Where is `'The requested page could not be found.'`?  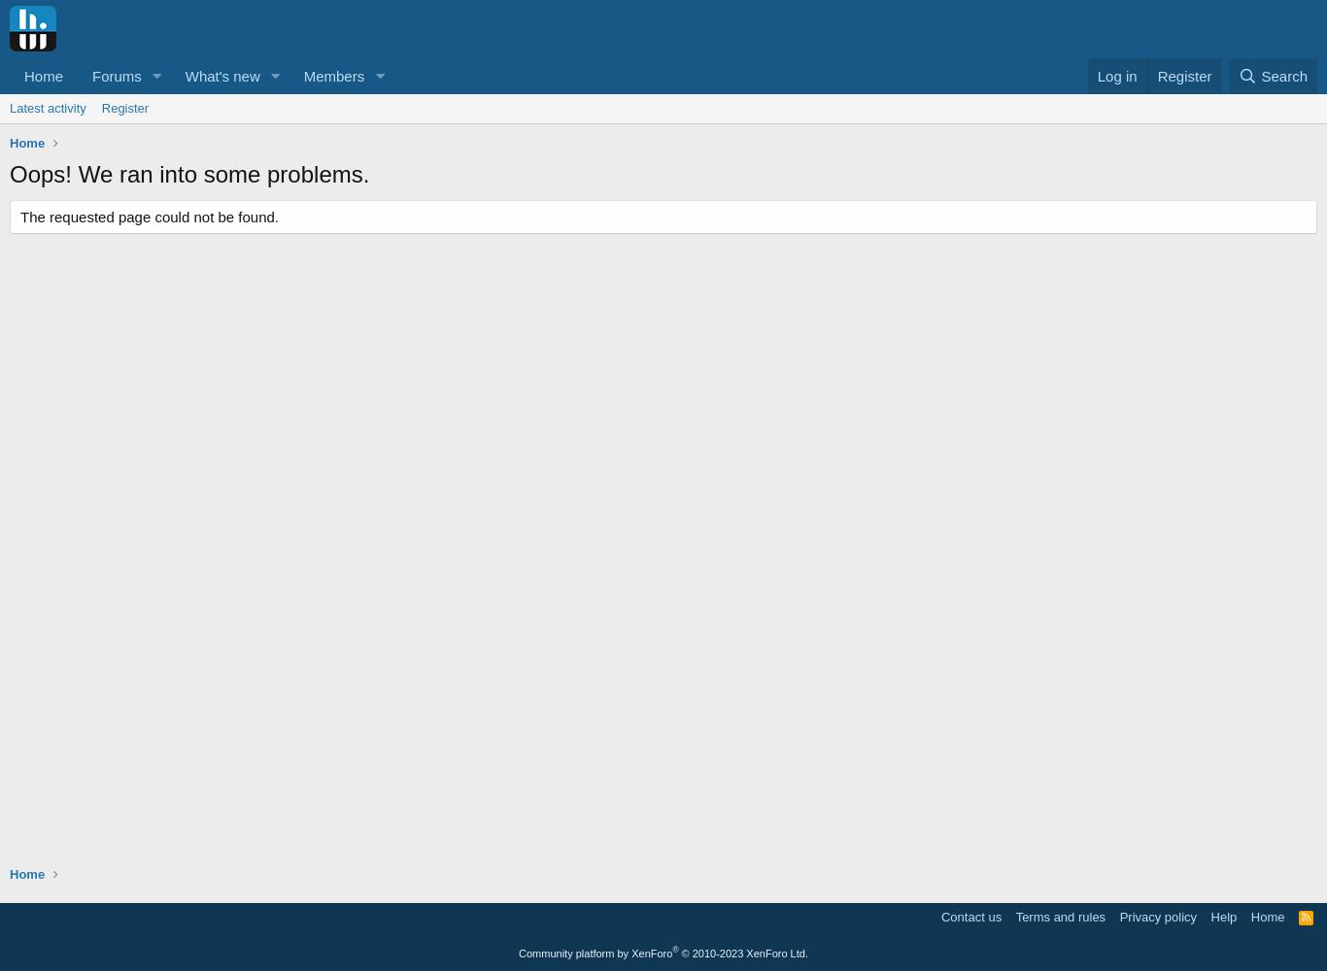
'The requested page could not be found.' is located at coordinates (148, 216).